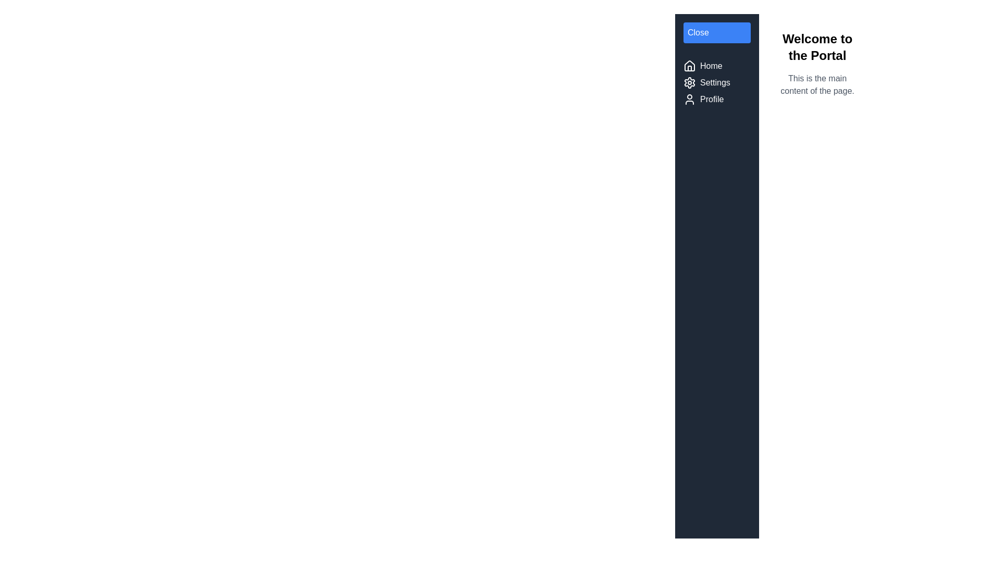 This screenshot has height=563, width=1001. What do you see at coordinates (716, 66) in the screenshot?
I see `the first item in the vertically stacked navigation menu, which is an anchor link with an icon and text label` at bounding box center [716, 66].